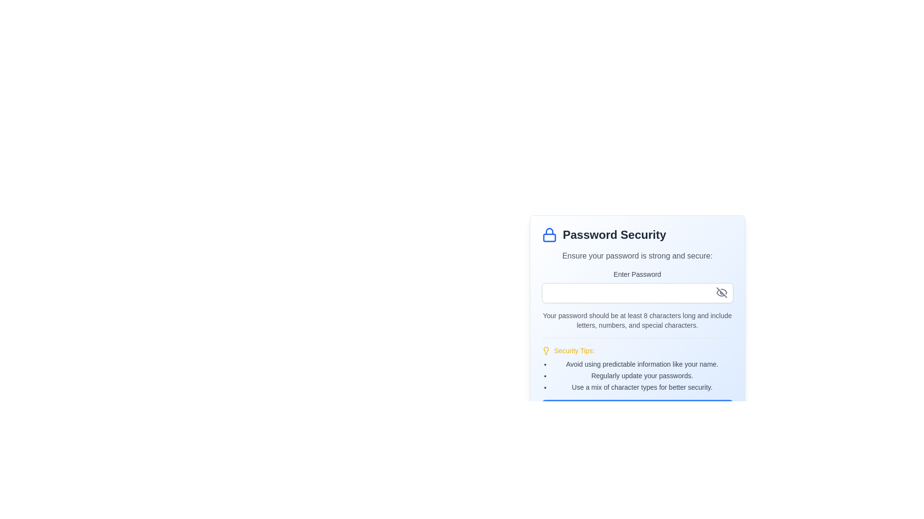 This screenshot has height=519, width=924. Describe the element at coordinates (637, 255) in the screenshot. I see `the text label that provides guidance about creating a strong password, located beneath the 'Password Security' section title and above the password input field` at that location.